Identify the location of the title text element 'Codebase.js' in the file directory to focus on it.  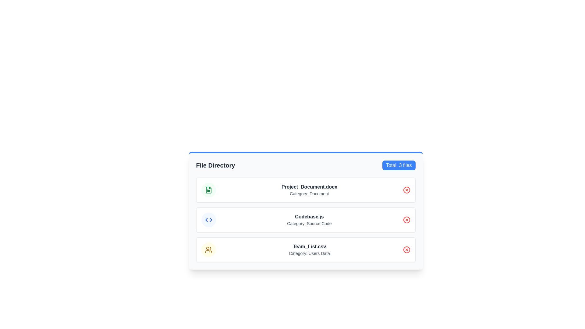
(309, 217).